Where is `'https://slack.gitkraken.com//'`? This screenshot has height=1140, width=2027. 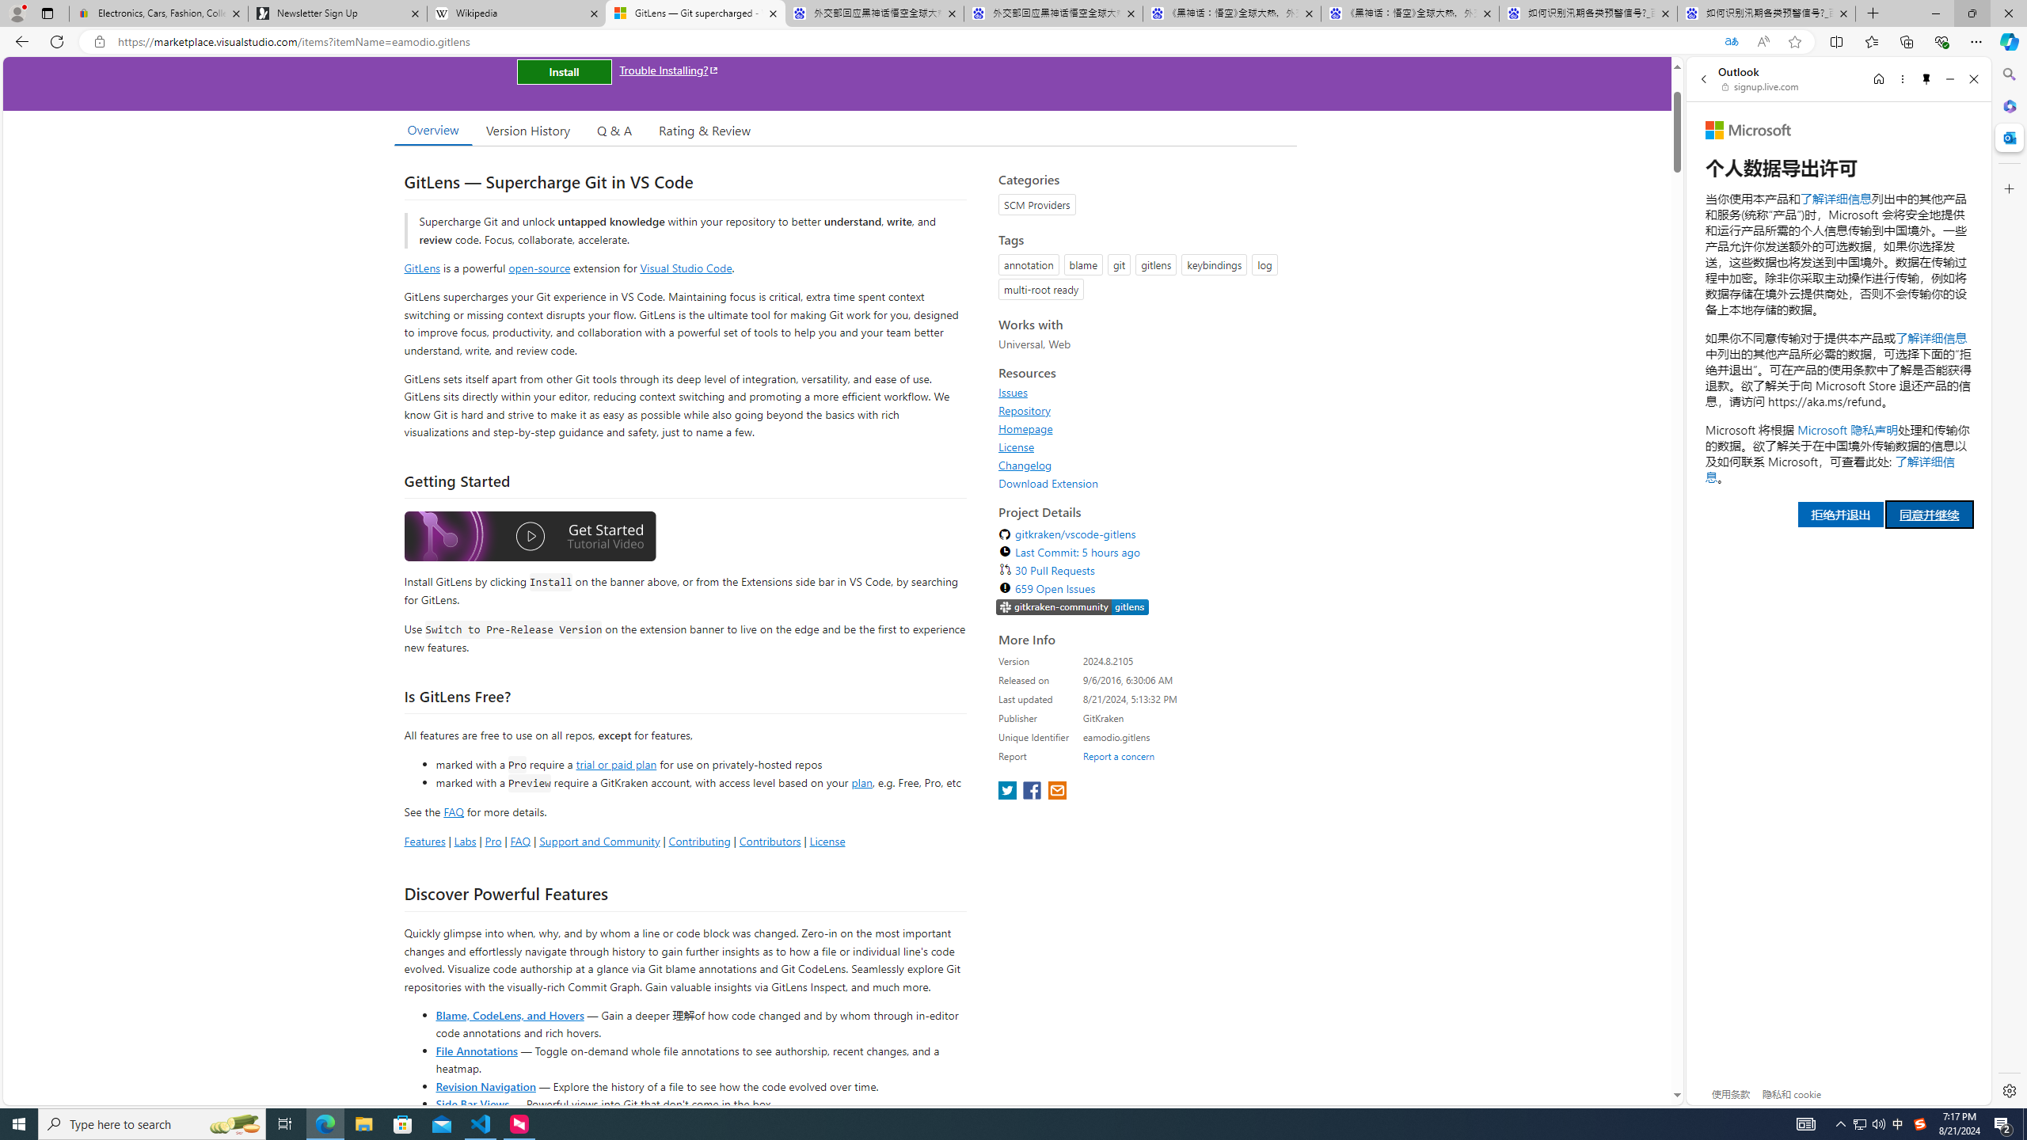 'https://slack.gitkraken.com//' is located at coordinates (1071, 606).